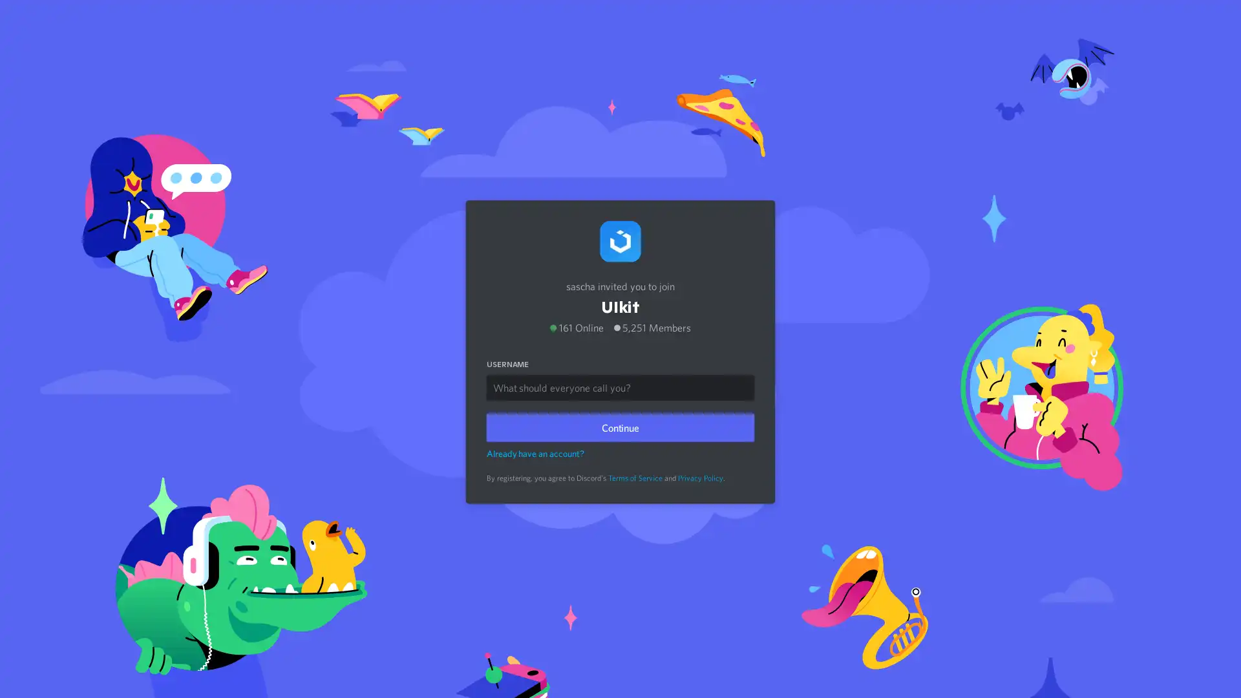 This screenshot has height=698, width=1241. What do you see at coordinates (620, 424) in the screenshot?
I see `Continue` at bounding box center [620, 424].